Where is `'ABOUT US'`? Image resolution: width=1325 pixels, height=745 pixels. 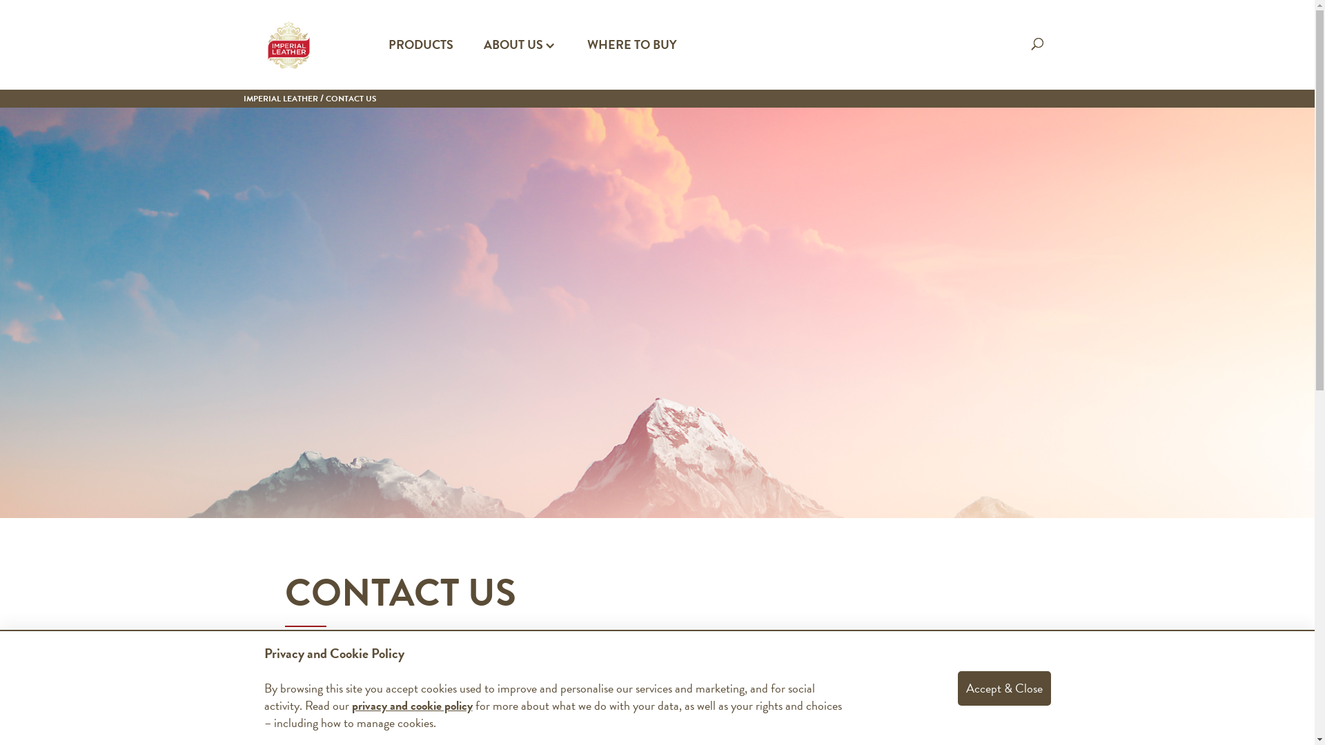 'ABOUT US' is located at coordinates (519, 64).